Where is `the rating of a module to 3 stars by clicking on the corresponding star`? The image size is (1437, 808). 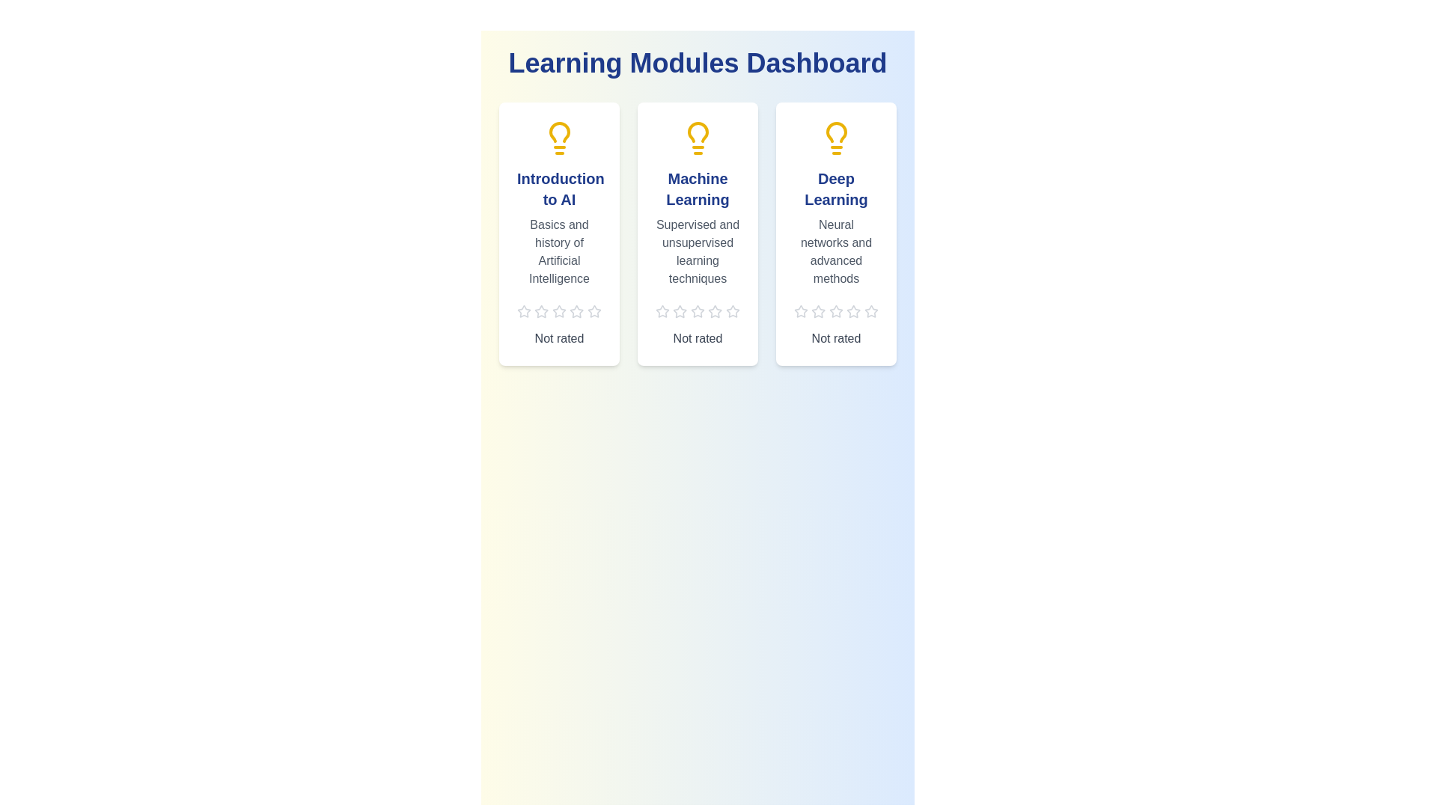
the rating of a module to 3 stars by clicking on the corresponding star is located at coordinates (558, 310).